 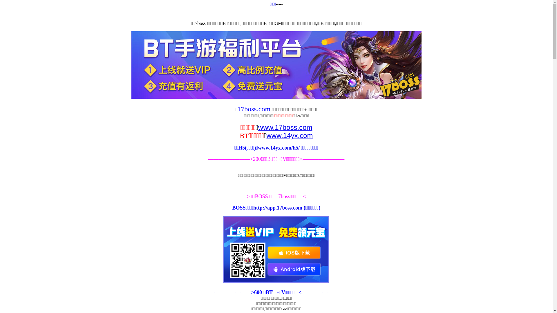 I want to click on 'www.14yx.com', so click(x=290, y=135).